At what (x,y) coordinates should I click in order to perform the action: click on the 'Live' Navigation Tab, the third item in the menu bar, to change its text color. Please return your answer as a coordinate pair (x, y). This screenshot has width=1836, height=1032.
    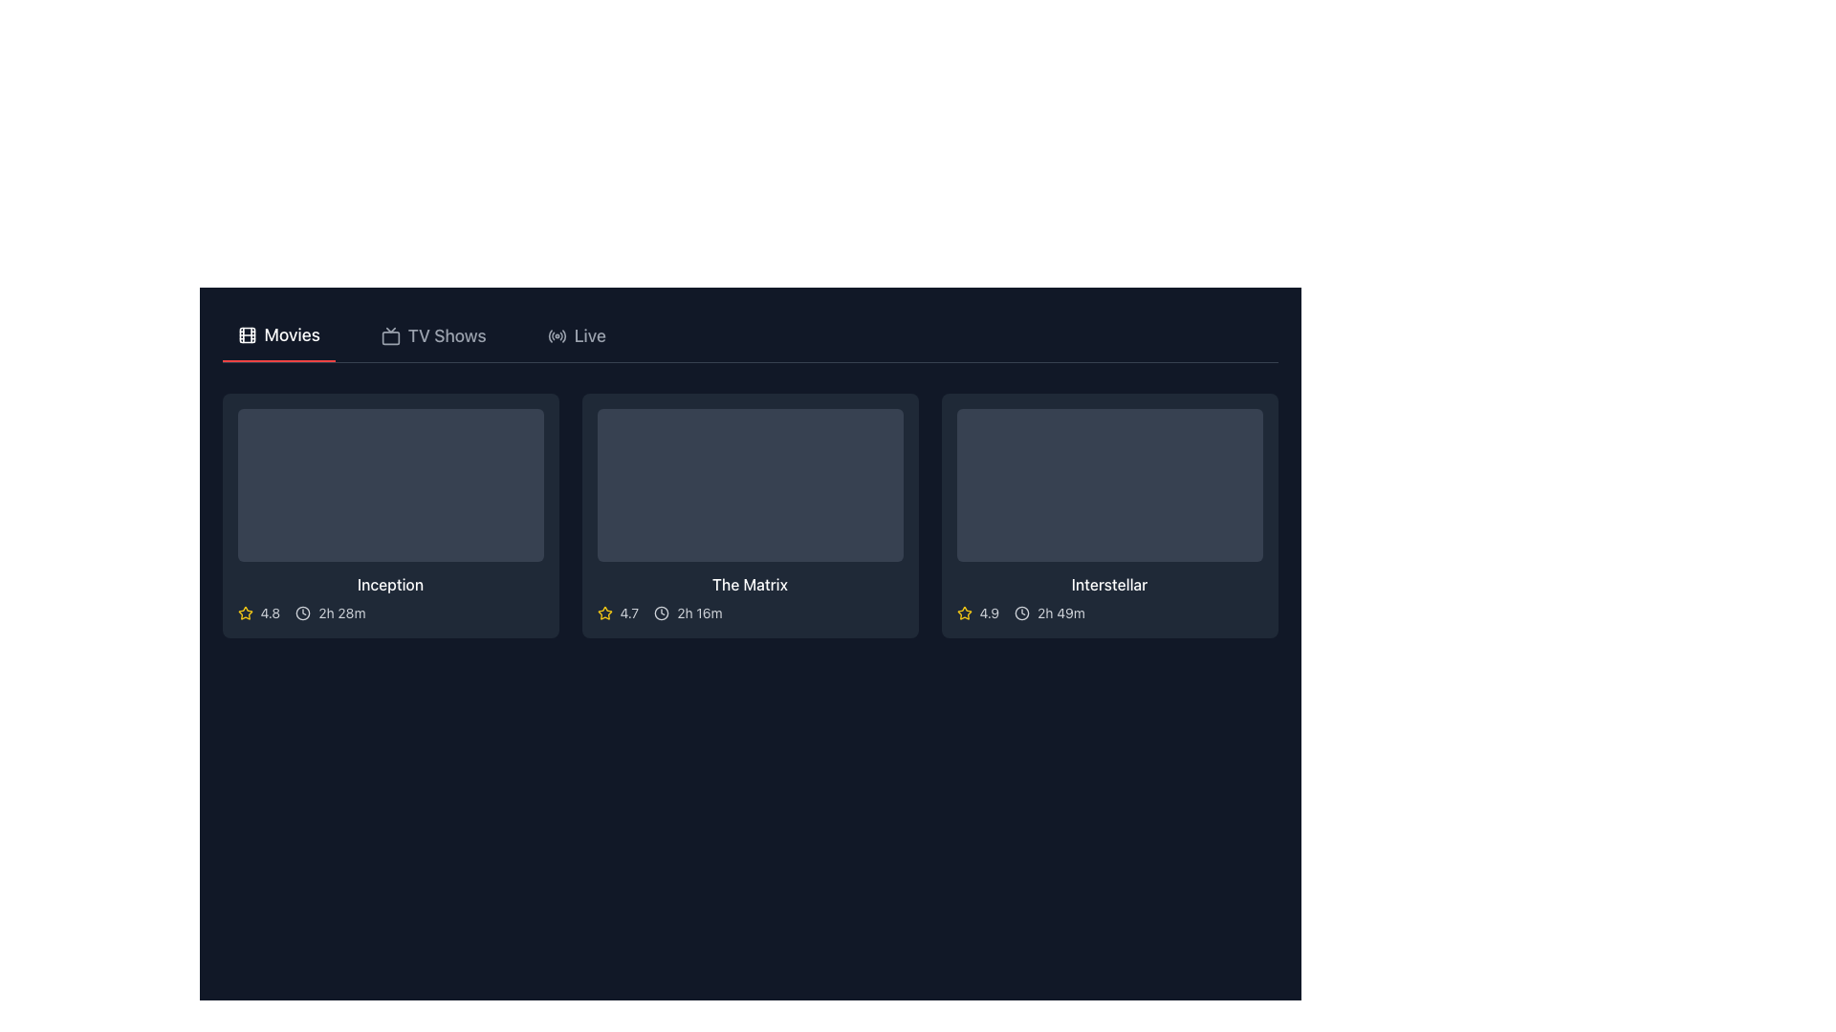
    Looking at the image, I should click on (576, 334).